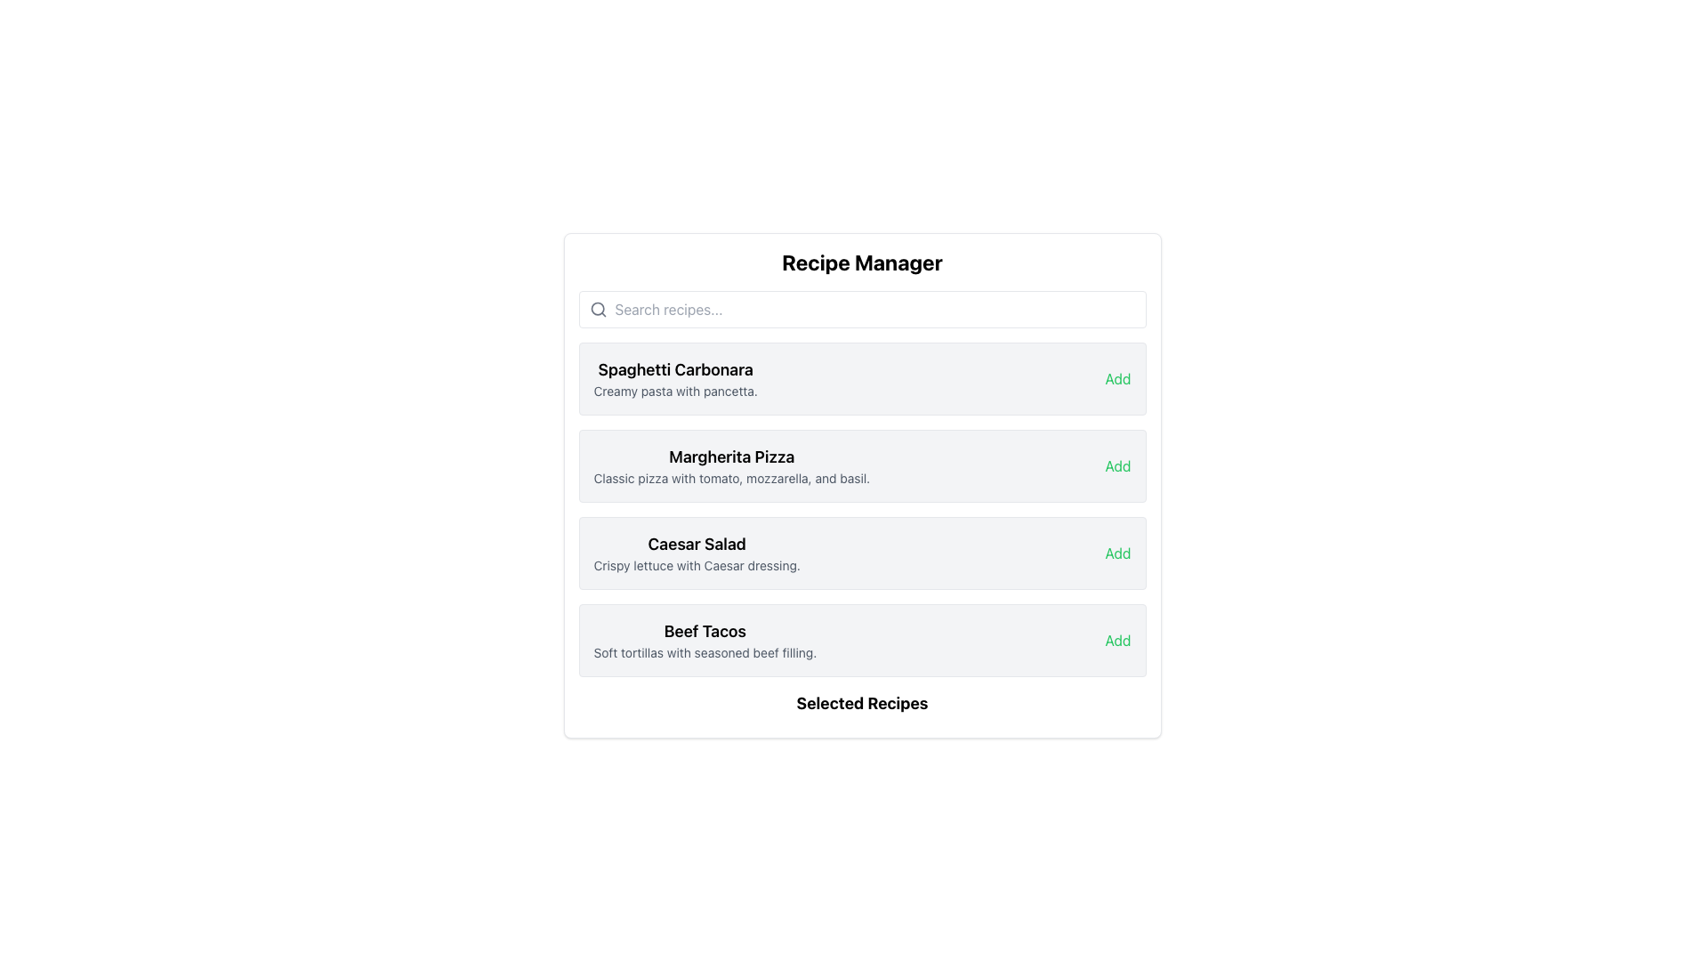 This screenshot has width=1708, height=961. What do you see at coordinates (704, 652) in the screenshot?
I see `the smaller-sized gray text that reads 'Soft tortillas with seasoned beef filling.' located under the 'Beef Tacos' entry` at bounding box center [704, 652].